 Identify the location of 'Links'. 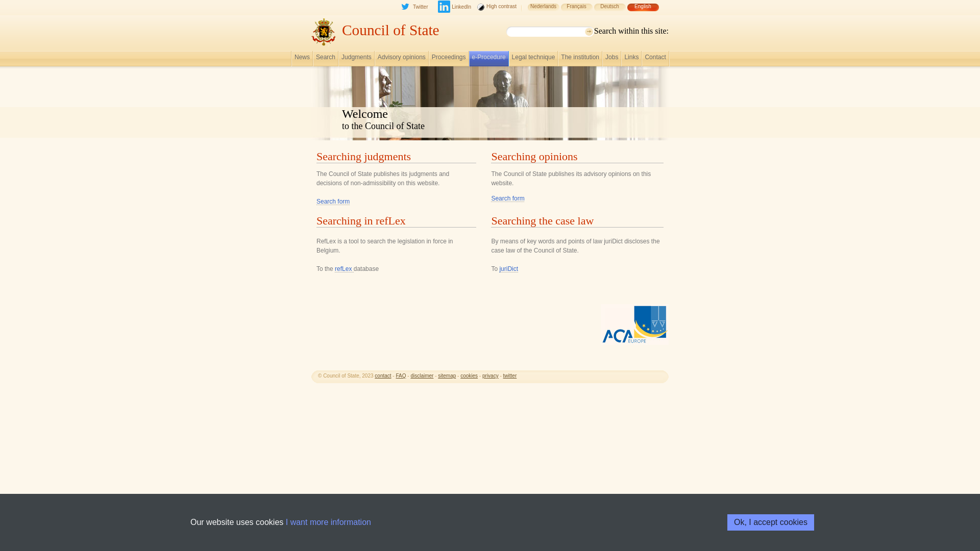
(631, 60).